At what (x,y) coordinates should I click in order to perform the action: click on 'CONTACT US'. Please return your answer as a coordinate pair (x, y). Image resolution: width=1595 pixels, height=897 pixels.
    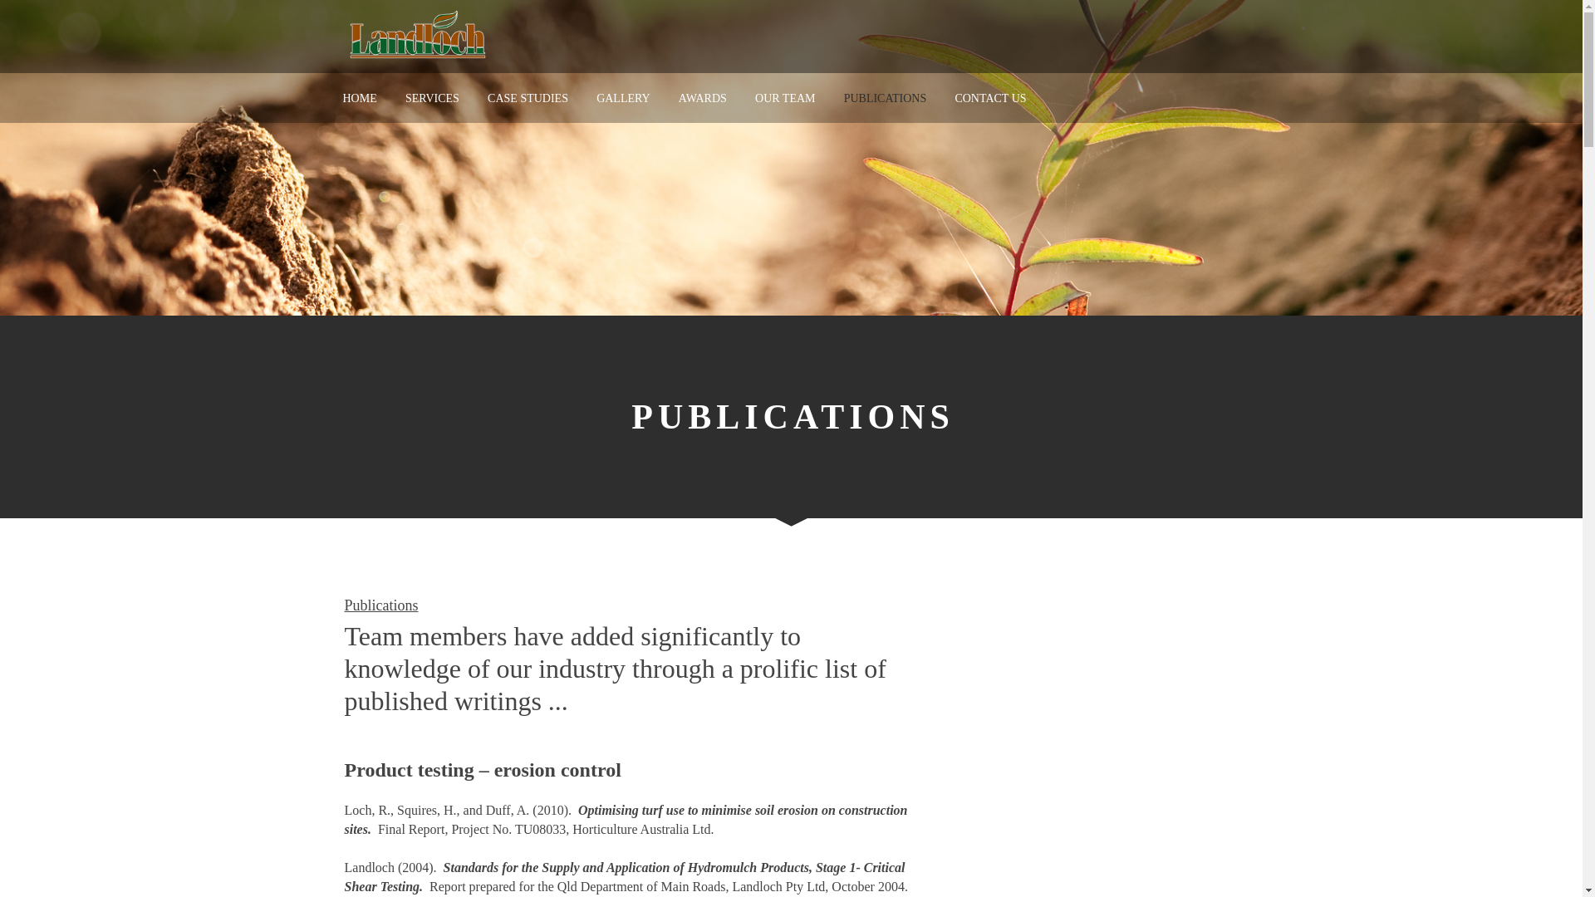
    Looking at the image, I should click on (954, 98).